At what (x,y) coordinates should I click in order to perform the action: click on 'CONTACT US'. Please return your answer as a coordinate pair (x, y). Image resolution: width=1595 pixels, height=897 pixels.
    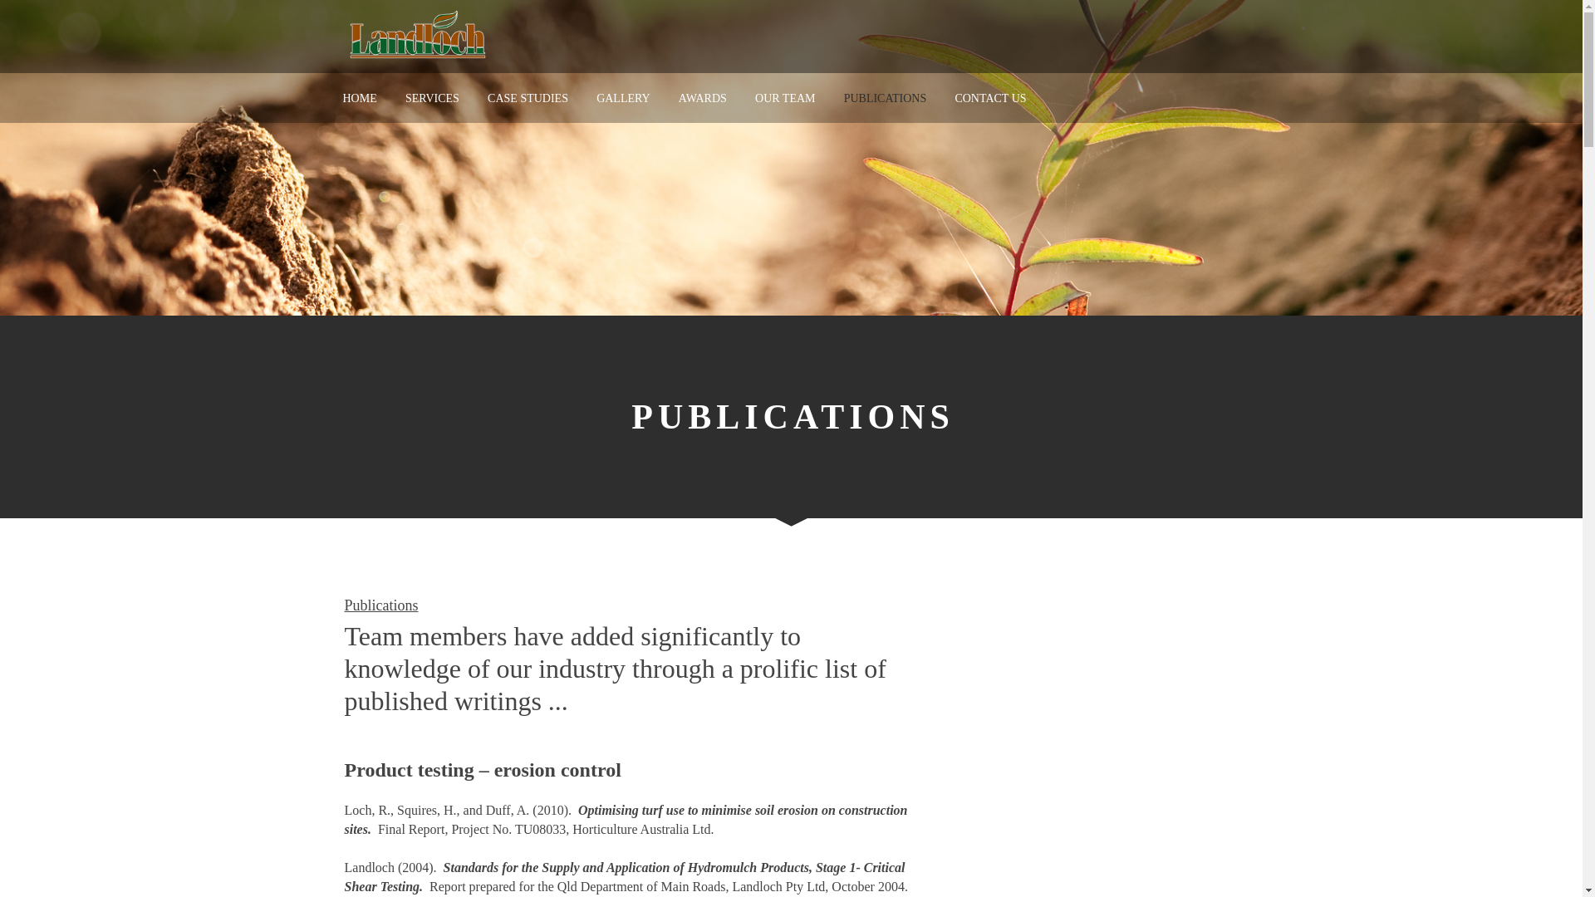
    Looking at the image, I should click on (954, 98).